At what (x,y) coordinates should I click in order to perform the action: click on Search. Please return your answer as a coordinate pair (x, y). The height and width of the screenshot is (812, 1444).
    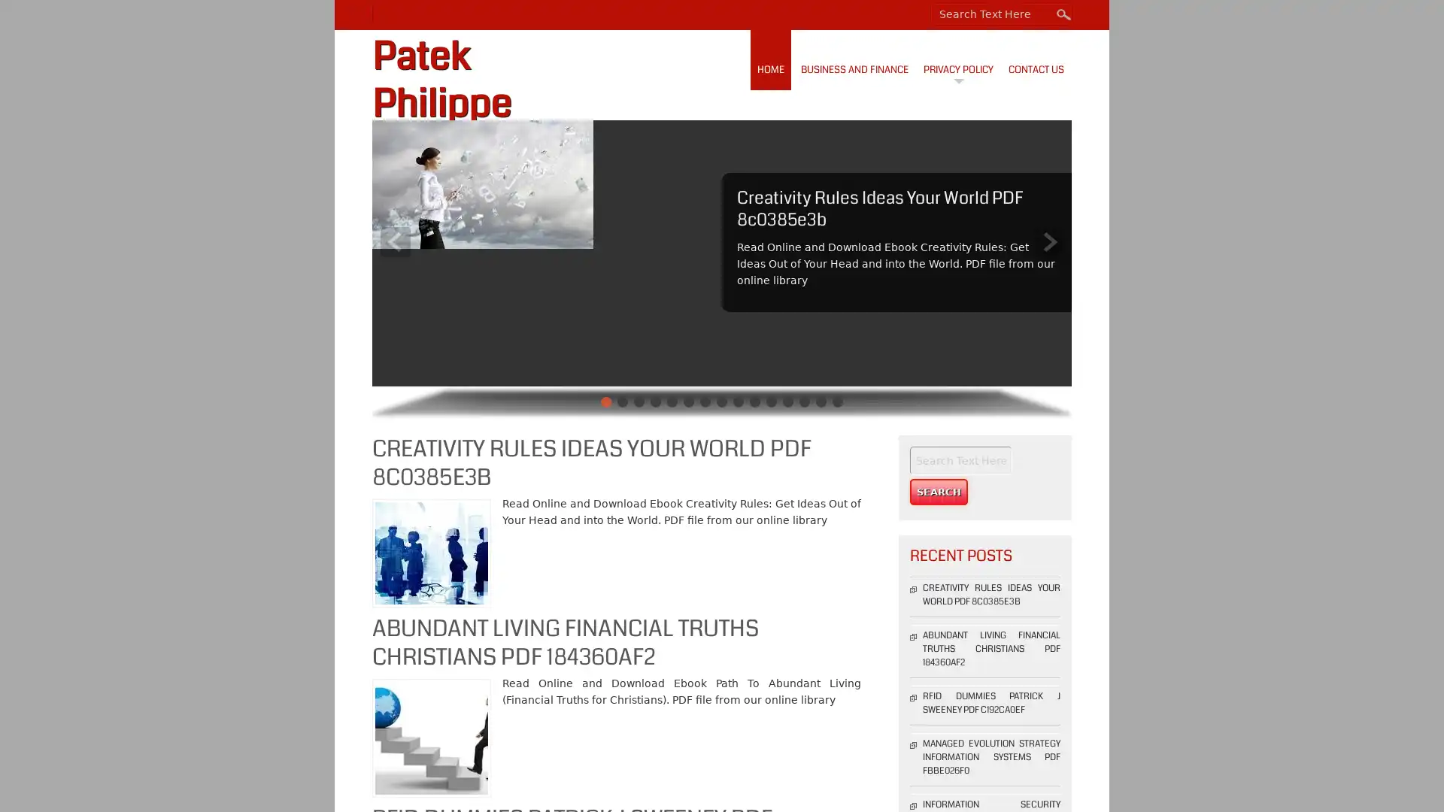
    Looking at the image, I should click on (938, 492).